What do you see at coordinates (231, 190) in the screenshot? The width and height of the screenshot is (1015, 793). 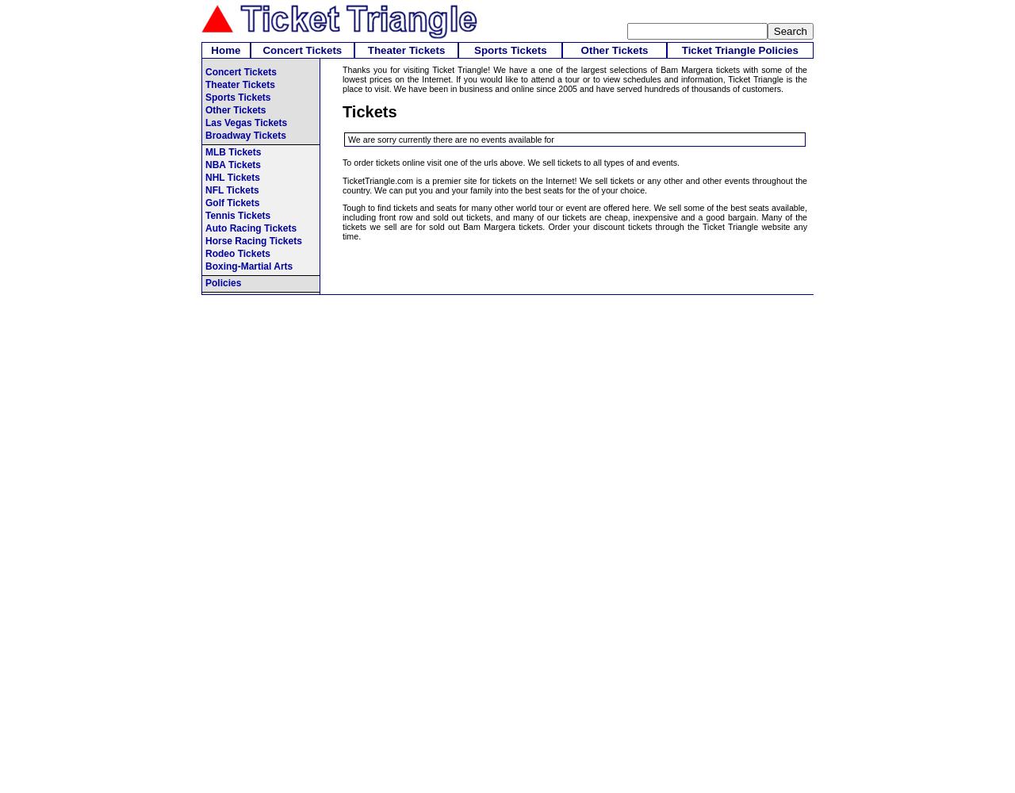 I see `'NFL Tickets'` at bounding box center [231, 190].